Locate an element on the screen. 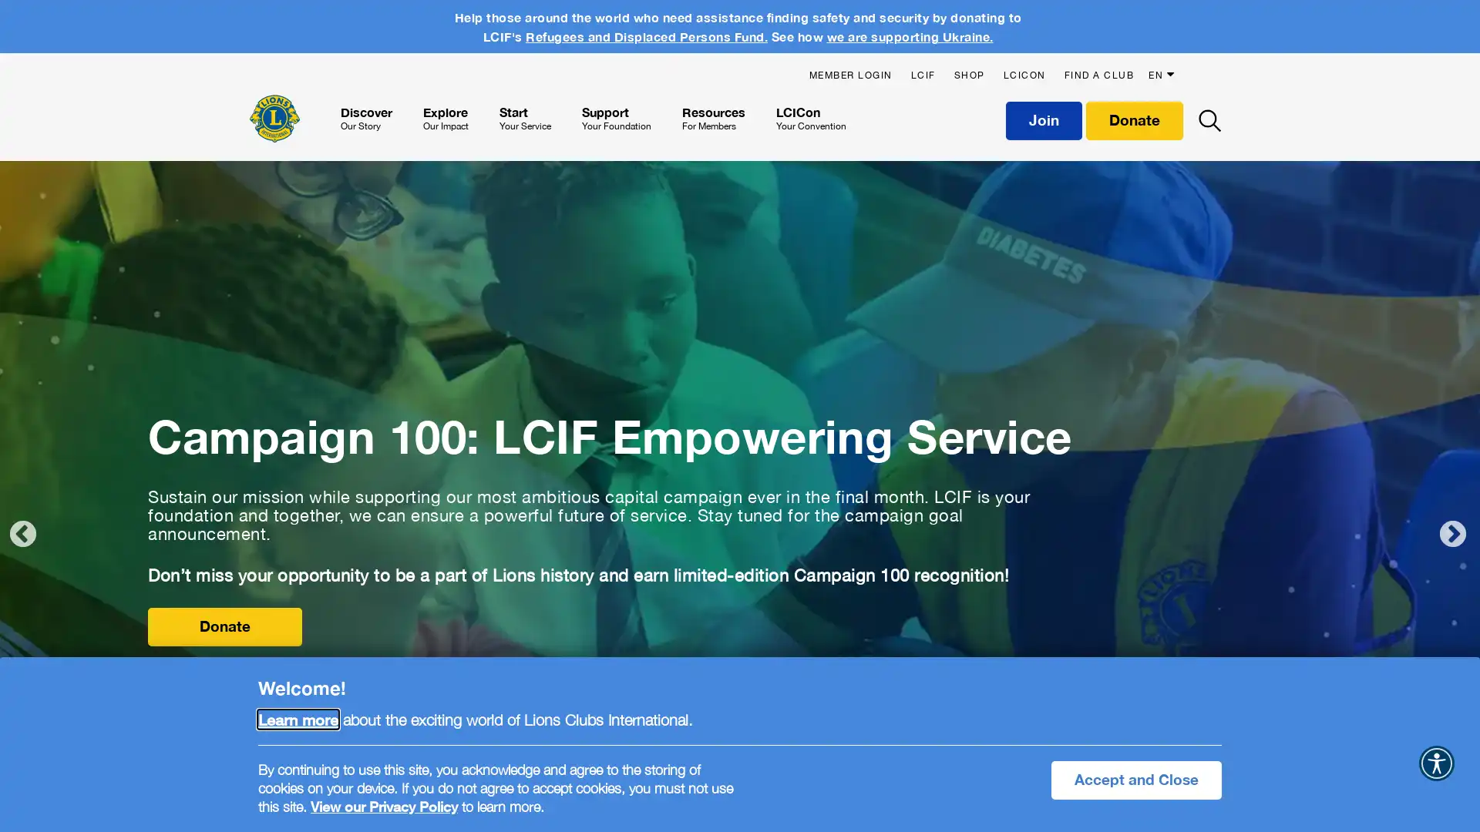 This screenshot has height=832, width=1480. Next is located at coordinates (1452, 534).